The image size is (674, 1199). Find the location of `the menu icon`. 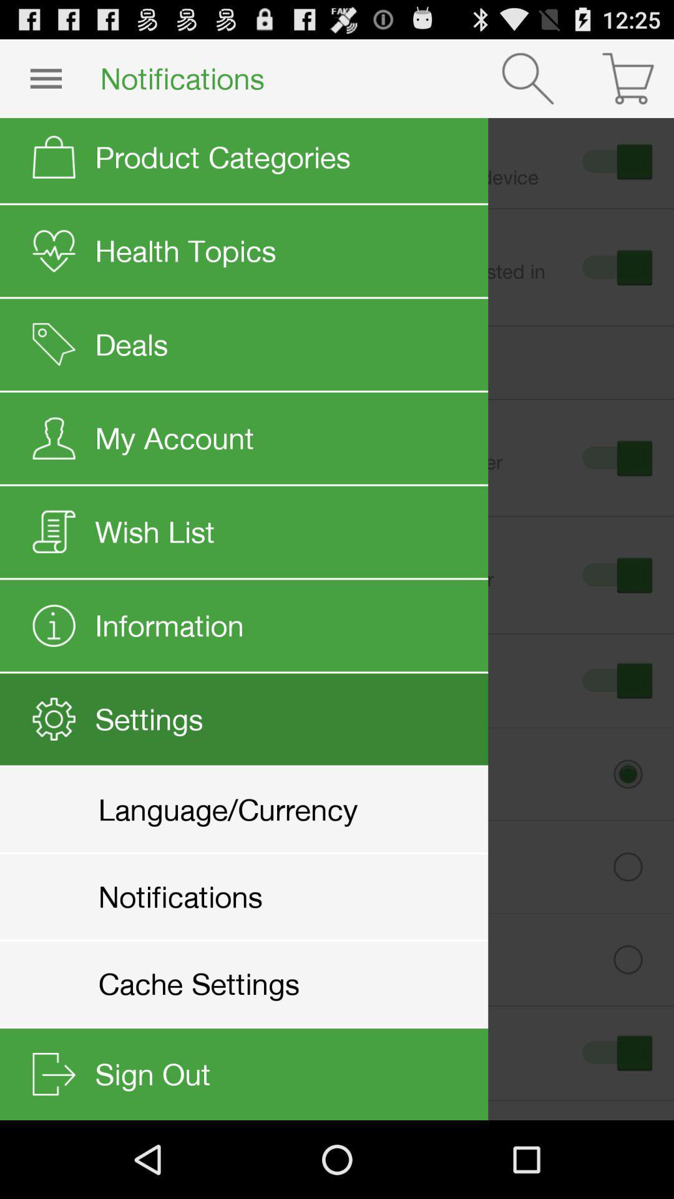

the menu icon is located at coordinates (45, 83).